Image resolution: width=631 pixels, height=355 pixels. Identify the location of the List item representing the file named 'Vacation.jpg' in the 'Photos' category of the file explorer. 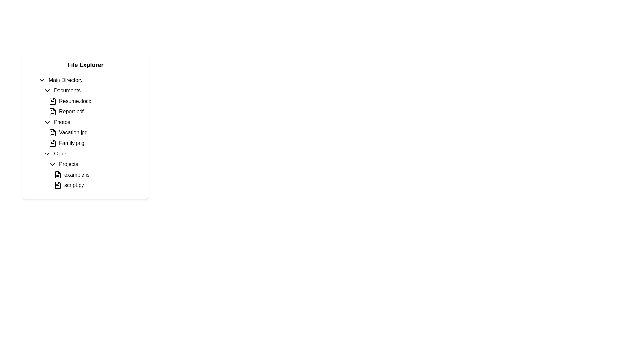
(88, 133).